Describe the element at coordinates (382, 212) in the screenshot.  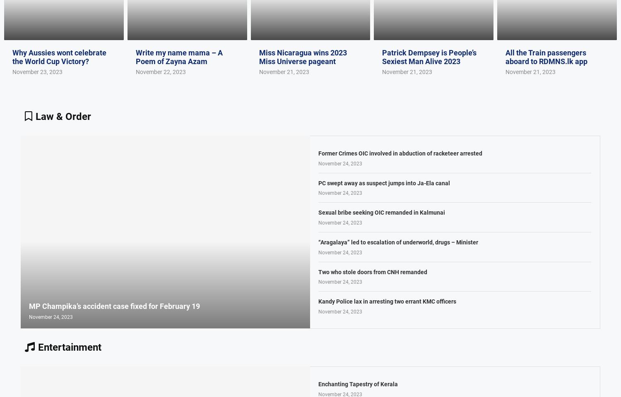
I see `'Sexual bribe seeking OIC remanded in Kalmunai'` at that location.